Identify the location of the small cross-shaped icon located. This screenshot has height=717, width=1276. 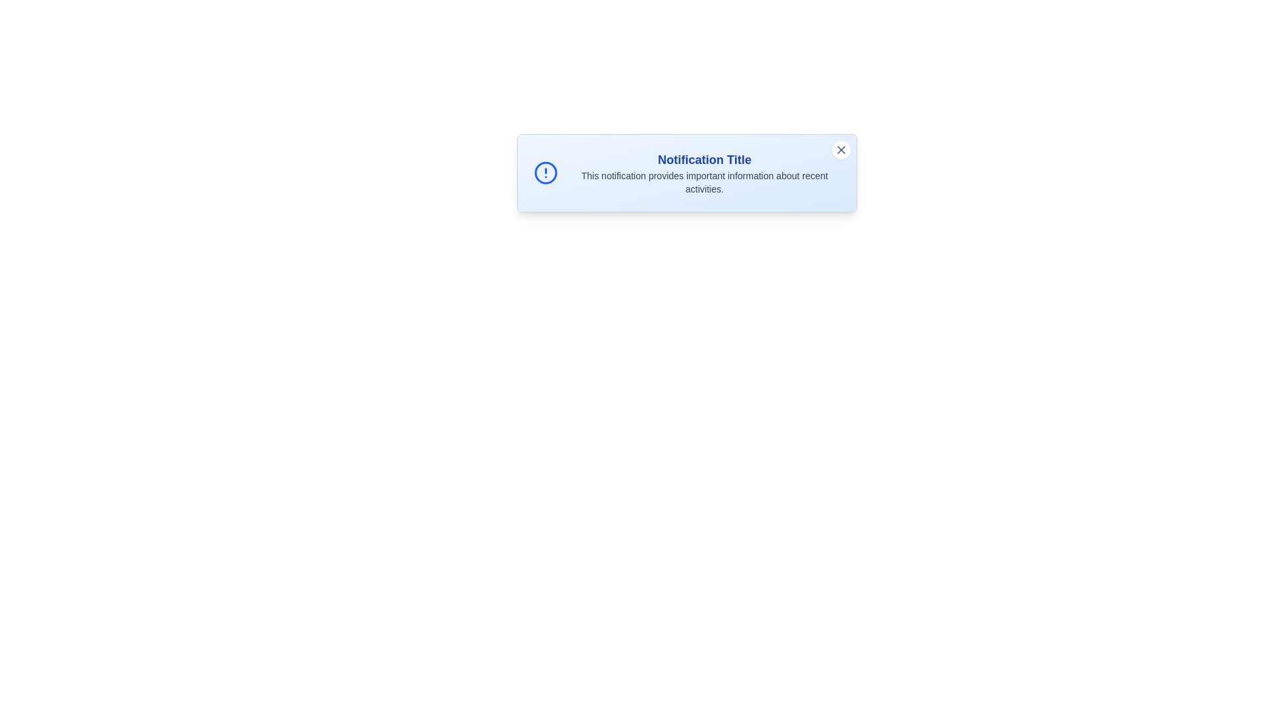
(840, 149).